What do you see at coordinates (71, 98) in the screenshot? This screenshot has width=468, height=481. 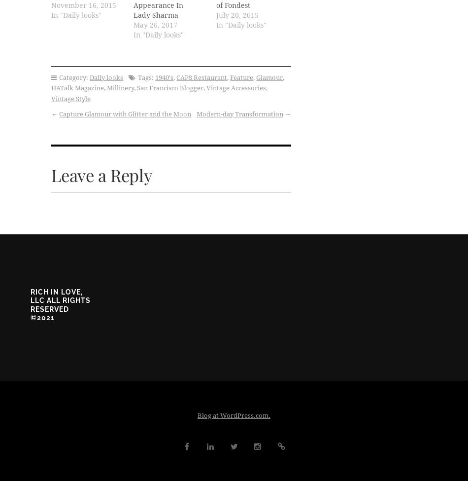 I see `'Vintage Style'` at bounding box center [71, 98].